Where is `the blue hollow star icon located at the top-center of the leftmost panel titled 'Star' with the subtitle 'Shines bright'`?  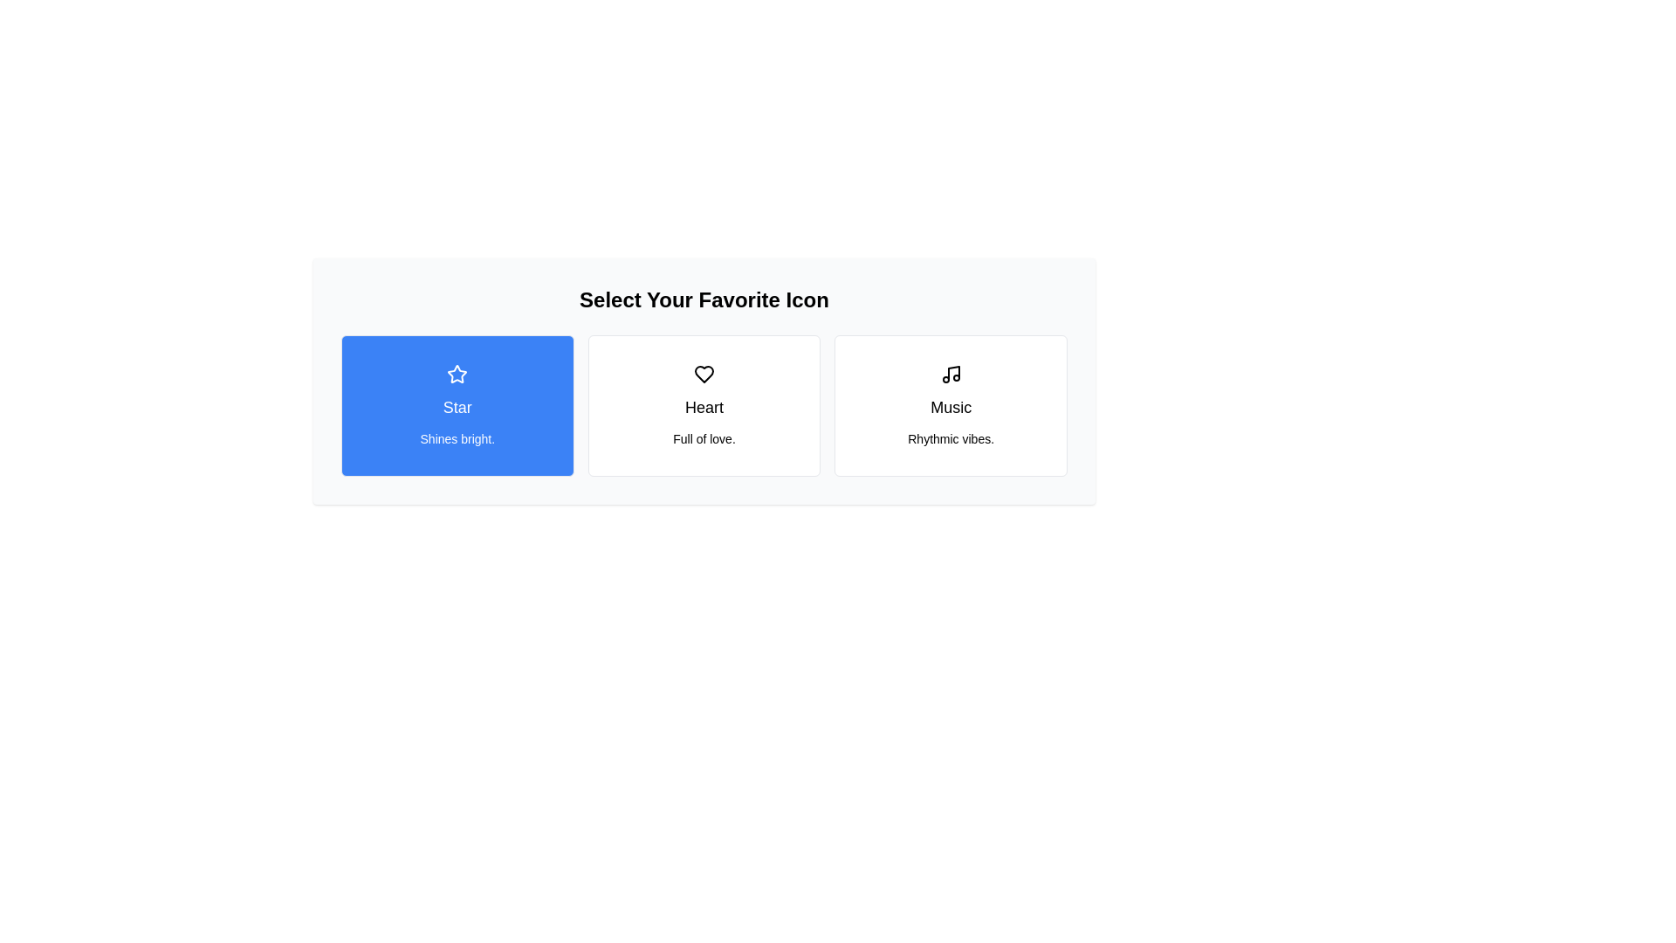
the blue hollow star icon located at the top-center of the leftmost panel titled 'Star' with the subtitle 'Shines bright' is located at coordinates (457, 373).